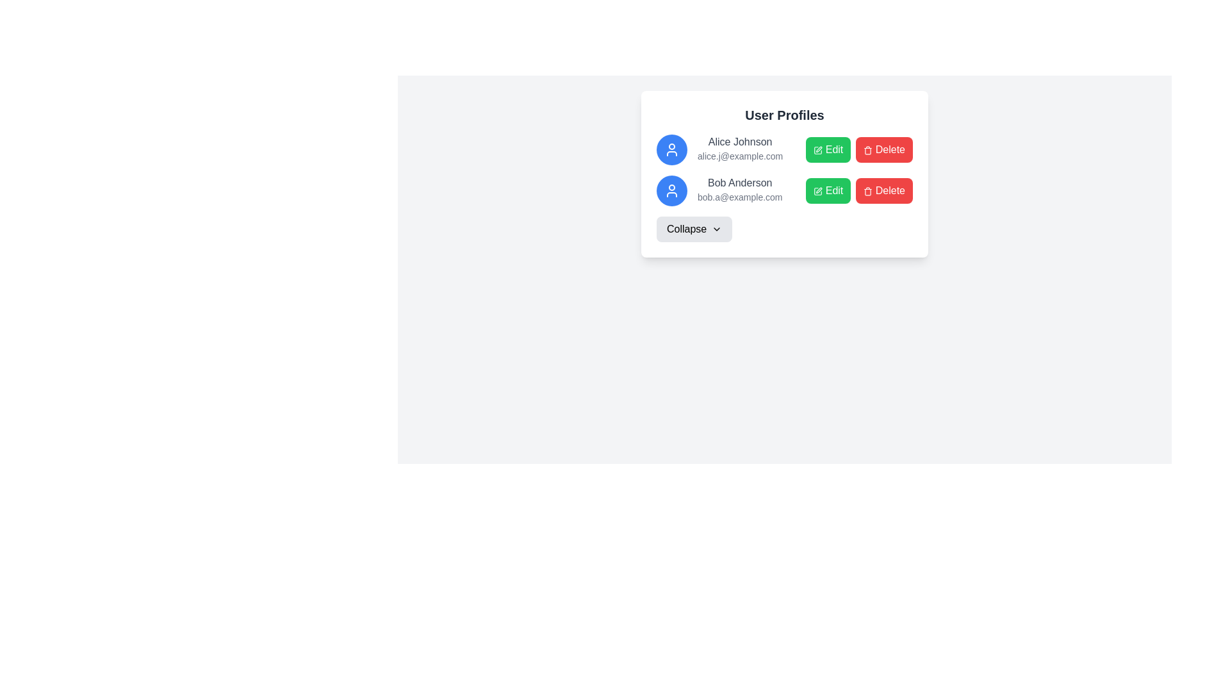  What do you see at coordinates (828, 149) in the screenshot?
I see `the green 'Edit' button with a rounded rectangular shape and a white pen icon, located at the top profile entry for 'Alice Johnson'` at bounding box center [828, 149].